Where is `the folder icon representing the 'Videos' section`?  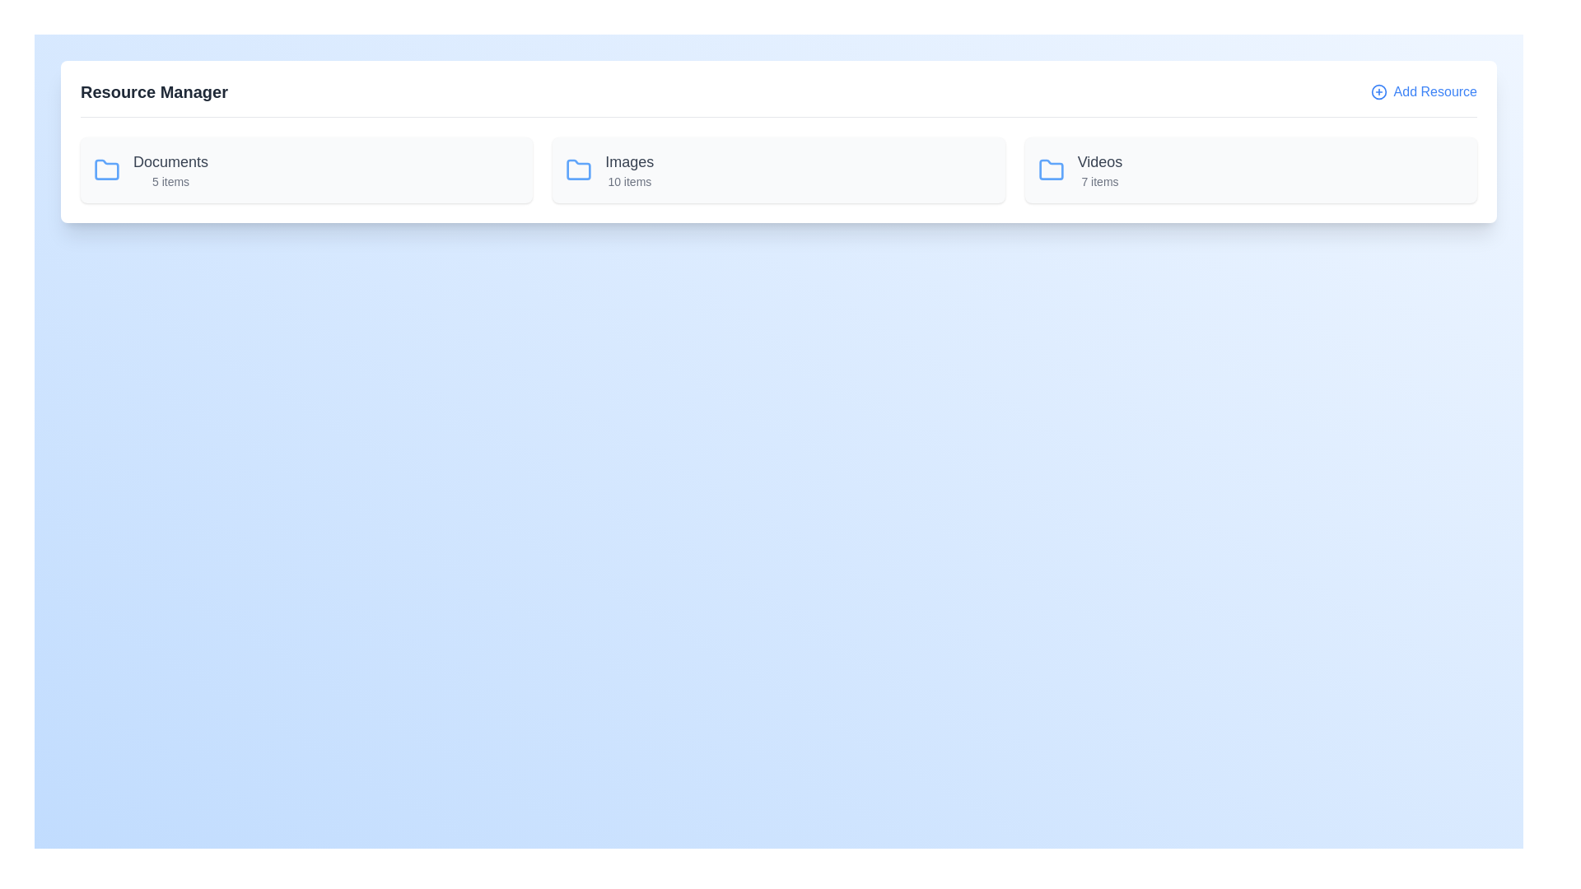
the folder icon representing the 'Videos' section is located at coordinates (1050, 170).